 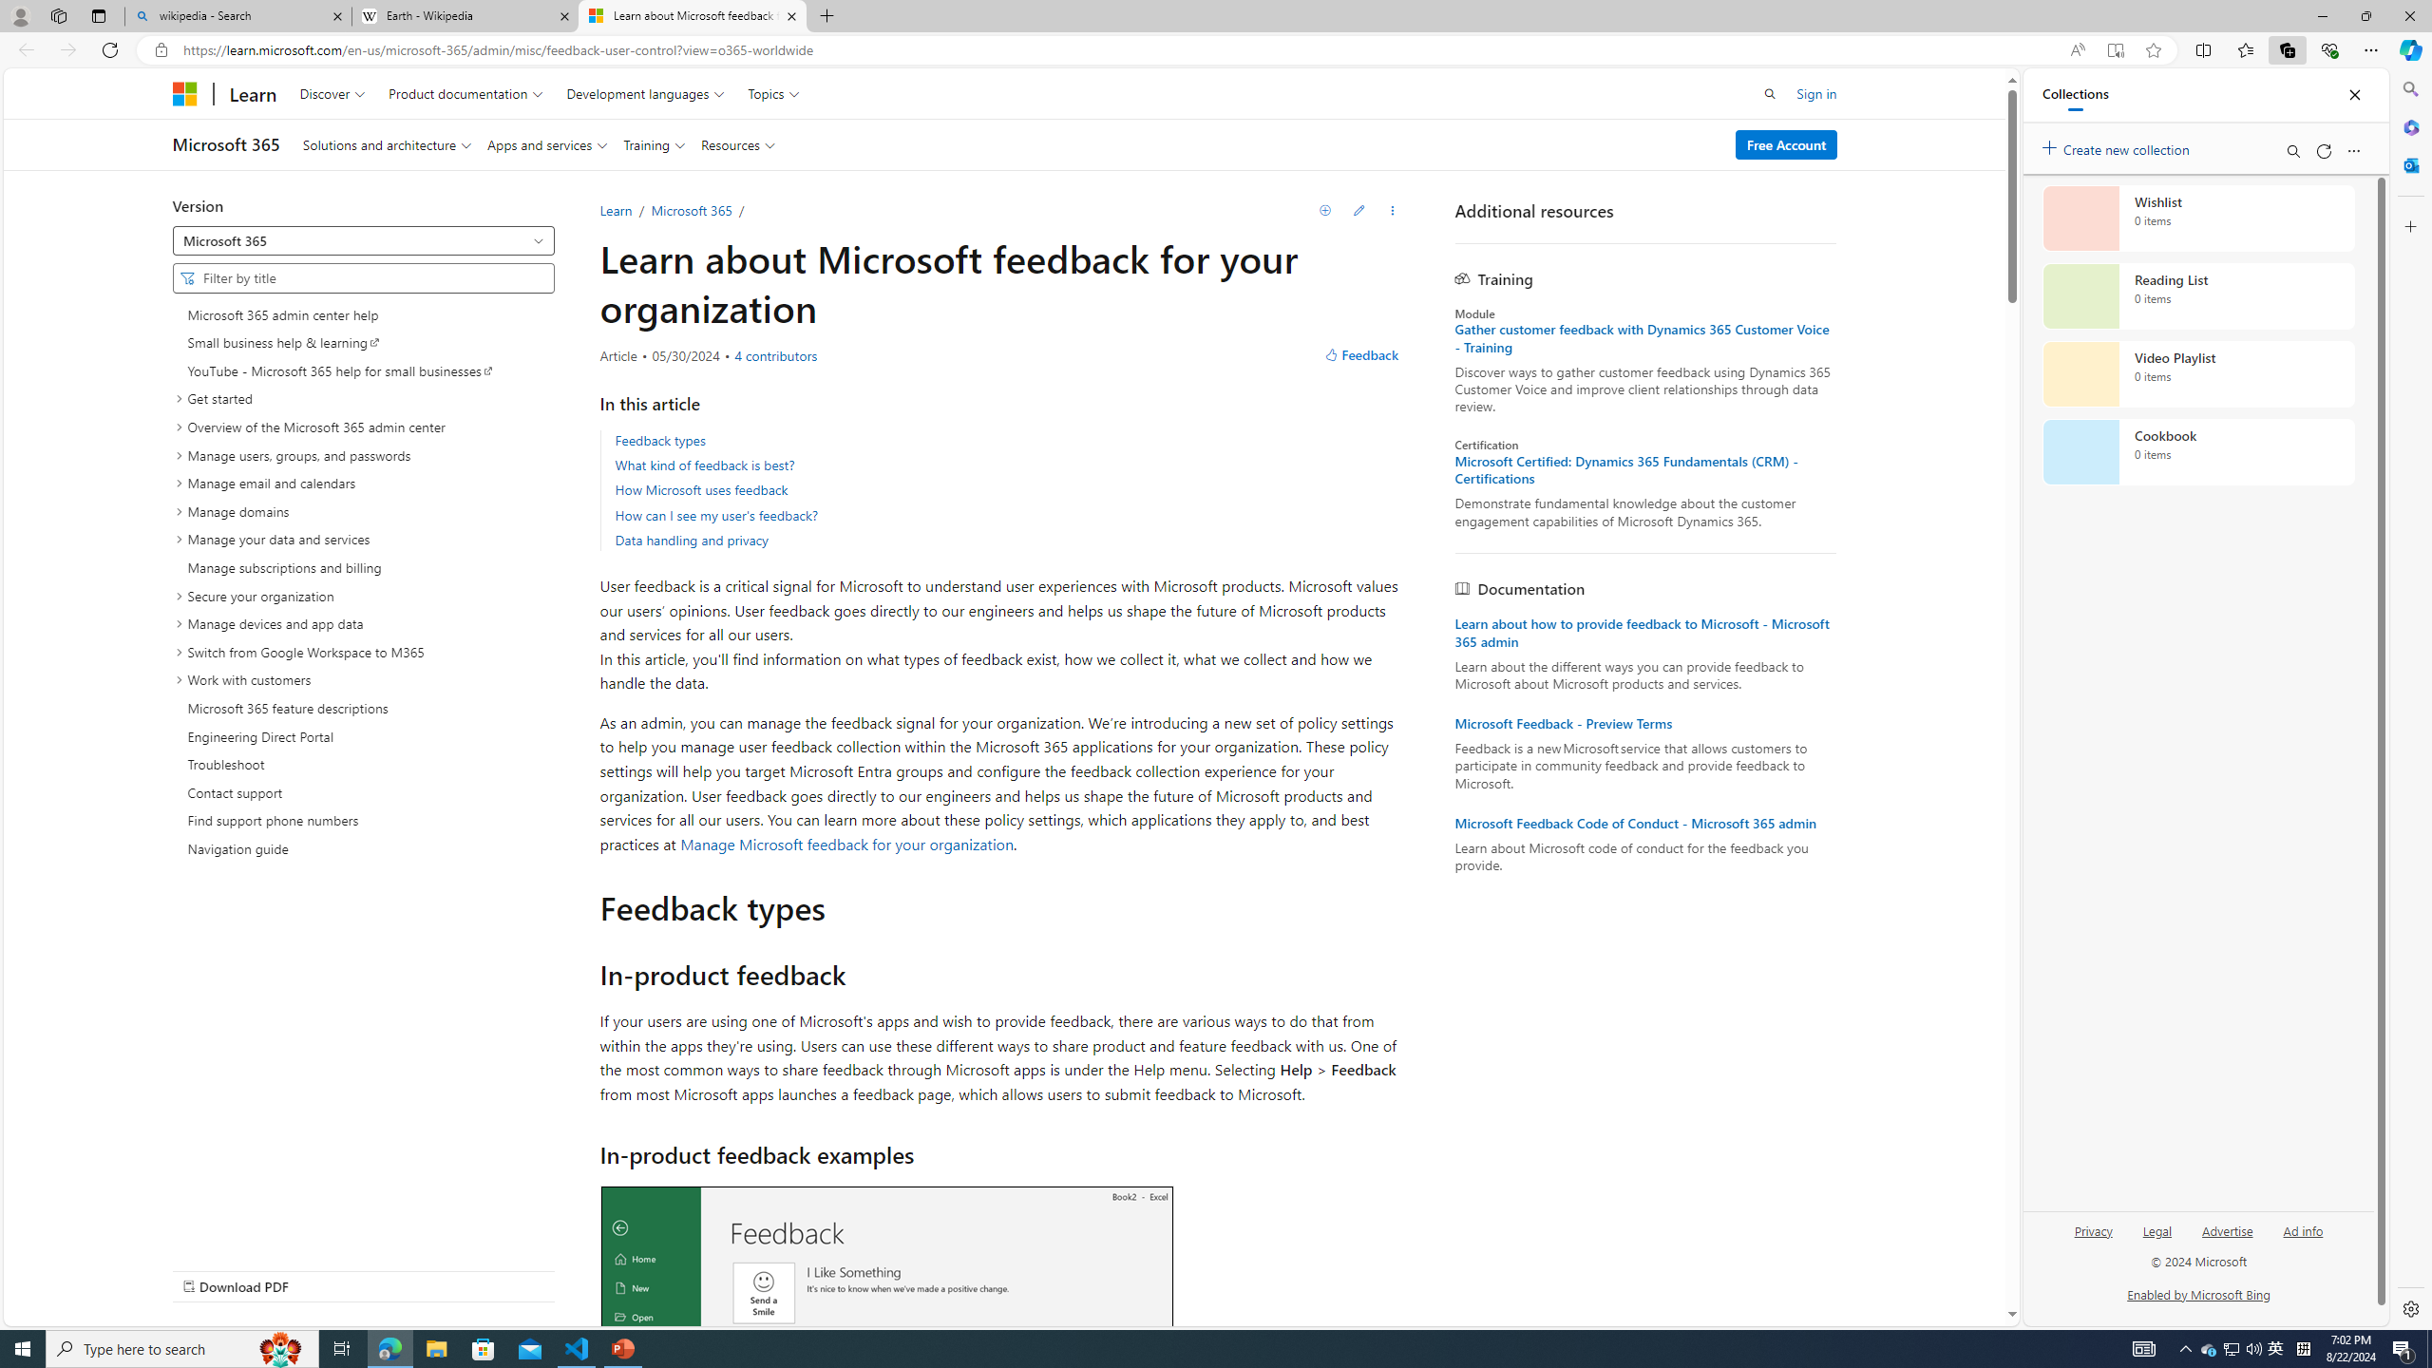 What do you see at coordinates (66, 48) in the screenshot?
I see `'Forward'` at bounding box center [66, 48].